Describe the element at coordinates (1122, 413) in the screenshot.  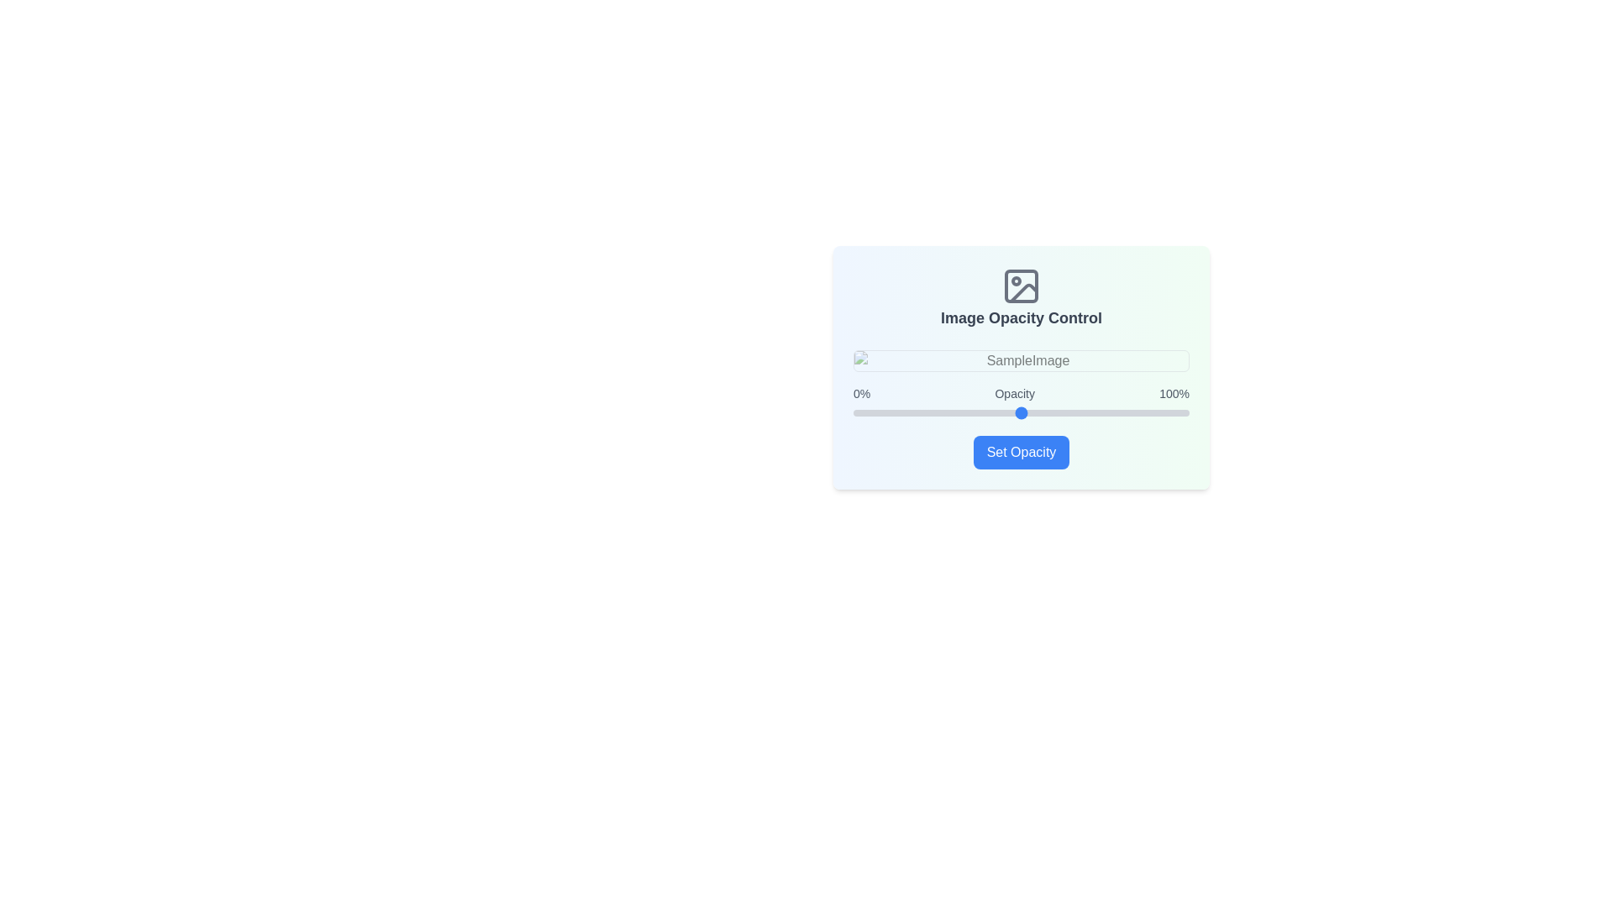
I see `the opacity slider to set the opacity to 80%` at that location.